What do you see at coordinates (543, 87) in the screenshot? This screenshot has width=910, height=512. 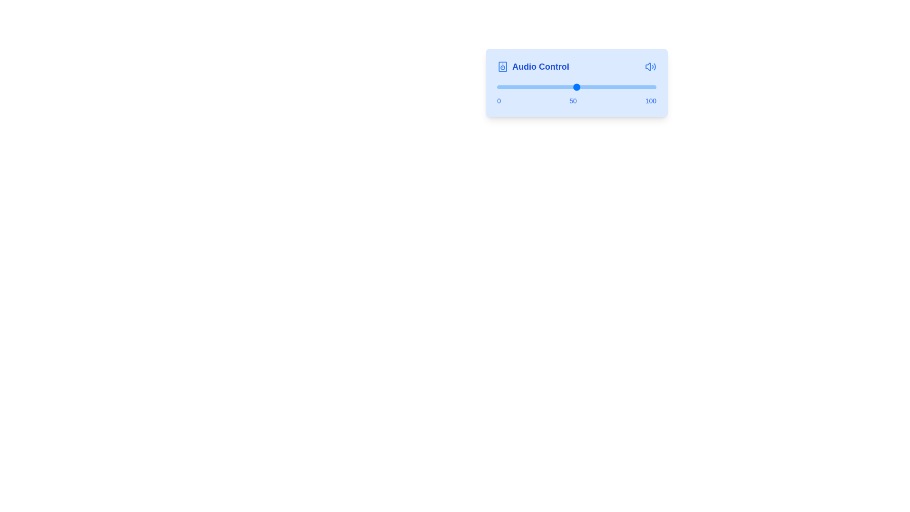 I see `the audio level` at bounding box center [543, 87].